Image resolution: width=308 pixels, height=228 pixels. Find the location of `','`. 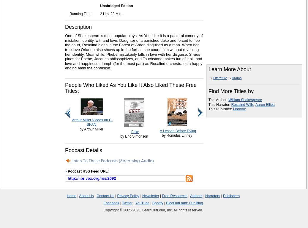

',' is located at coordinates (254, 104).